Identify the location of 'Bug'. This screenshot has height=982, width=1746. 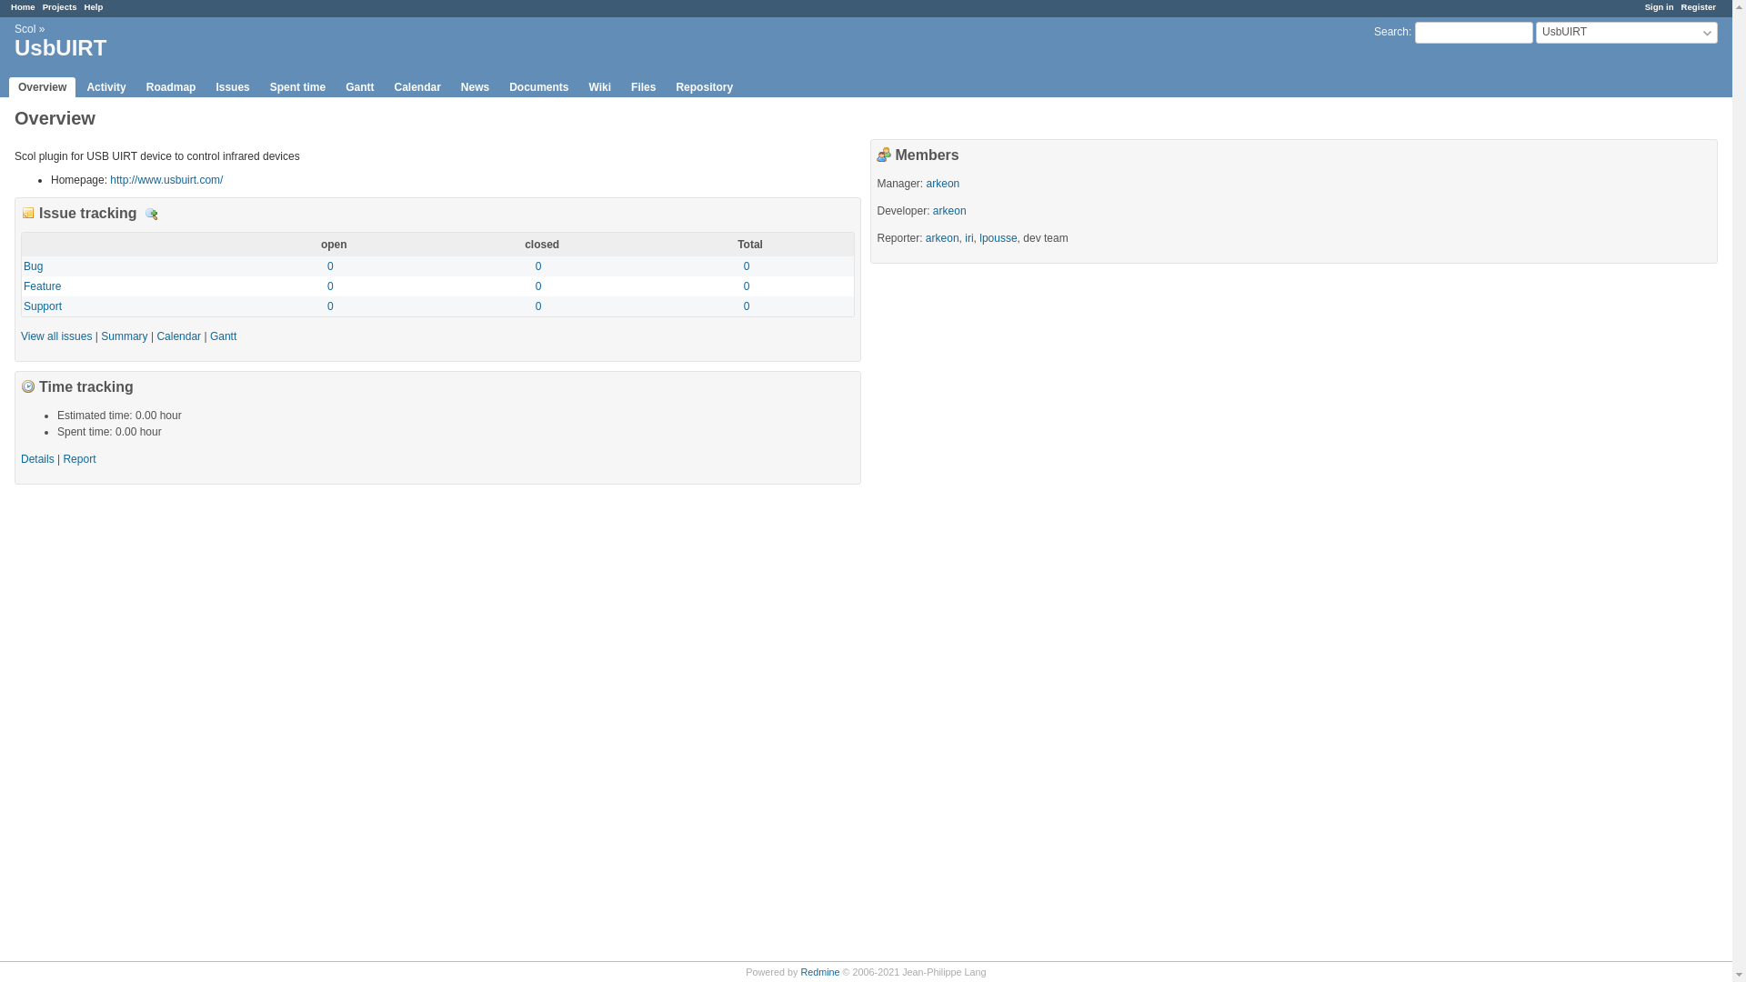
(33, 266).